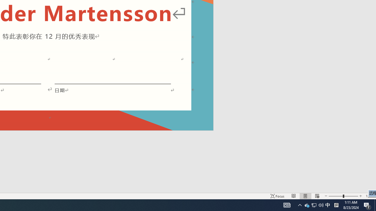 This screenshot has width=376, height=211. I want to click on 'Zoom In', so click(360, 196).